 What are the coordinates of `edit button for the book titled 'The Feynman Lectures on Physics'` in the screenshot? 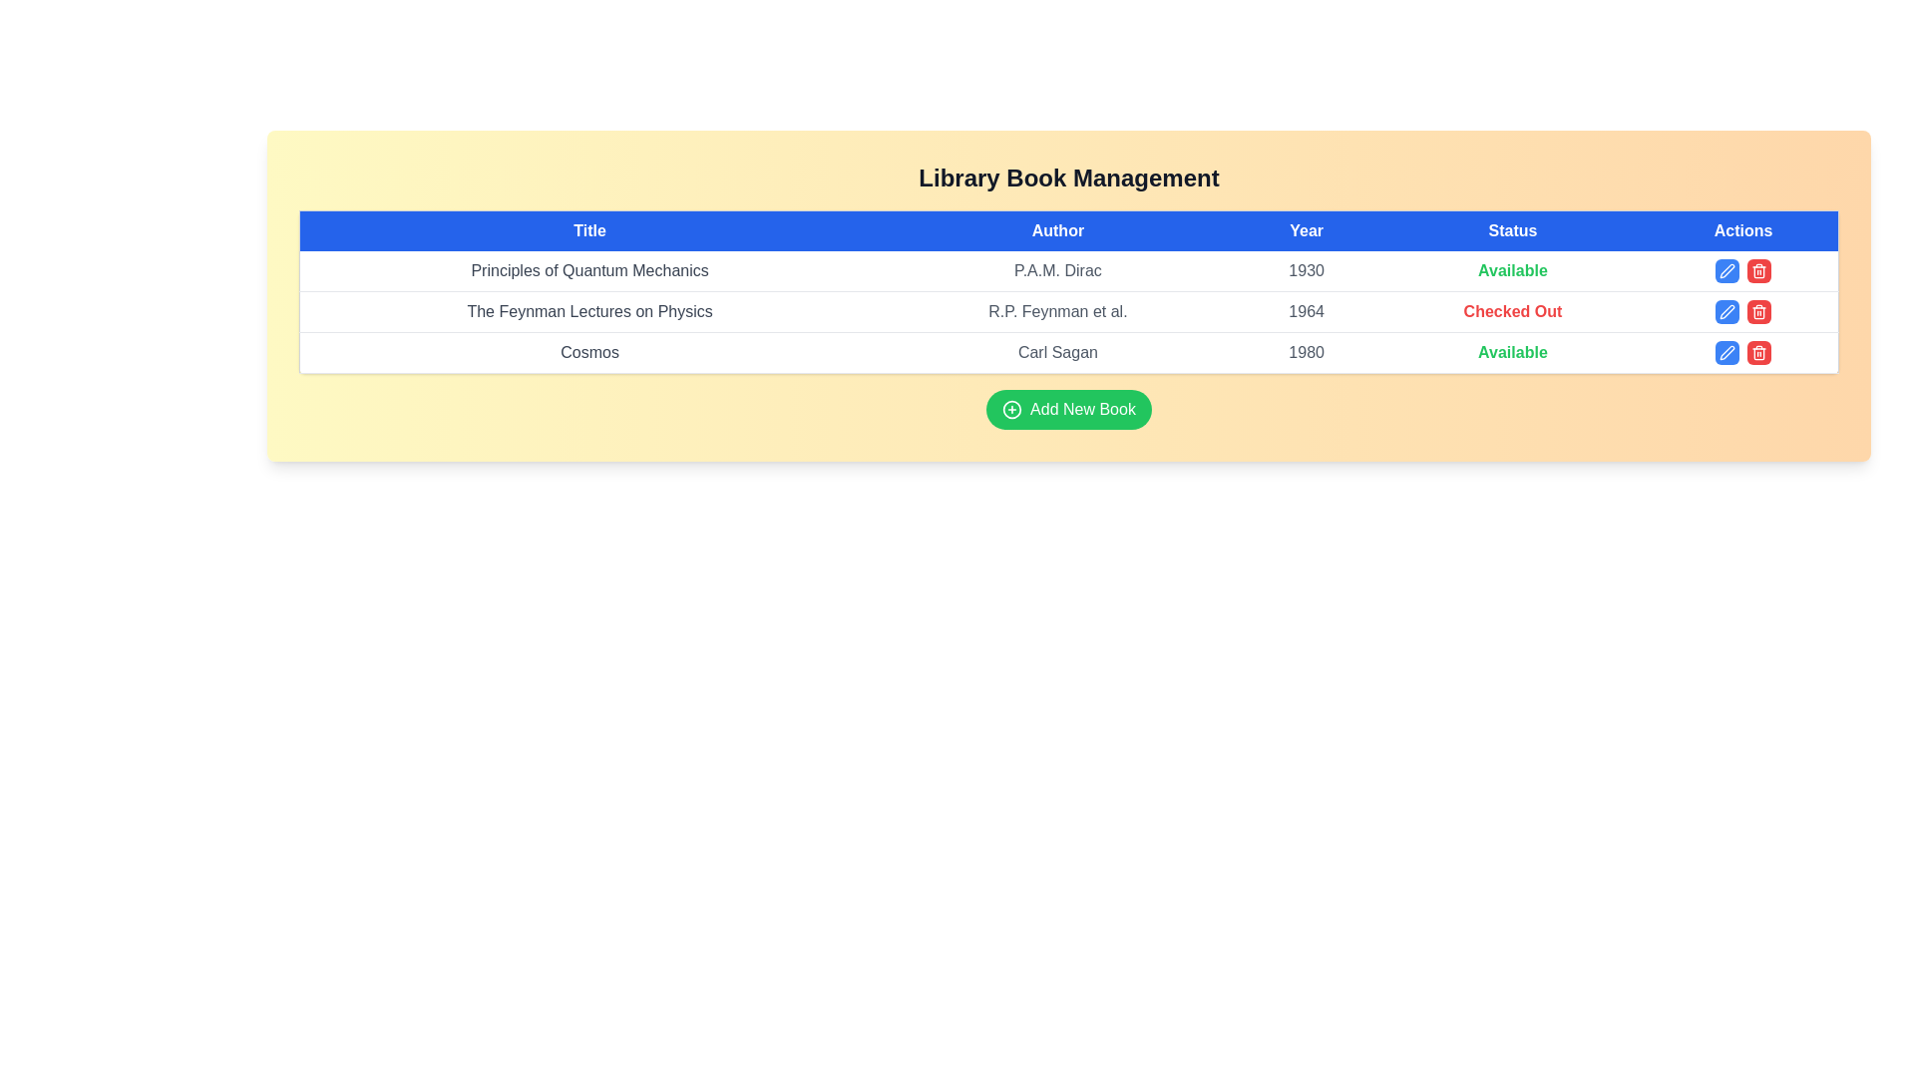 It's located at (1726, 311).